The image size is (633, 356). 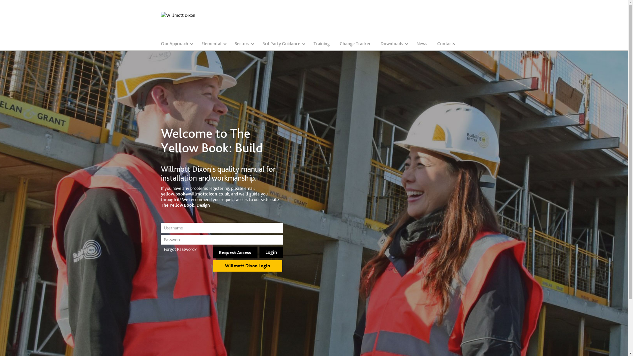 I want to click on 'Willmott Dixon Login', so click(x=247, y=265).